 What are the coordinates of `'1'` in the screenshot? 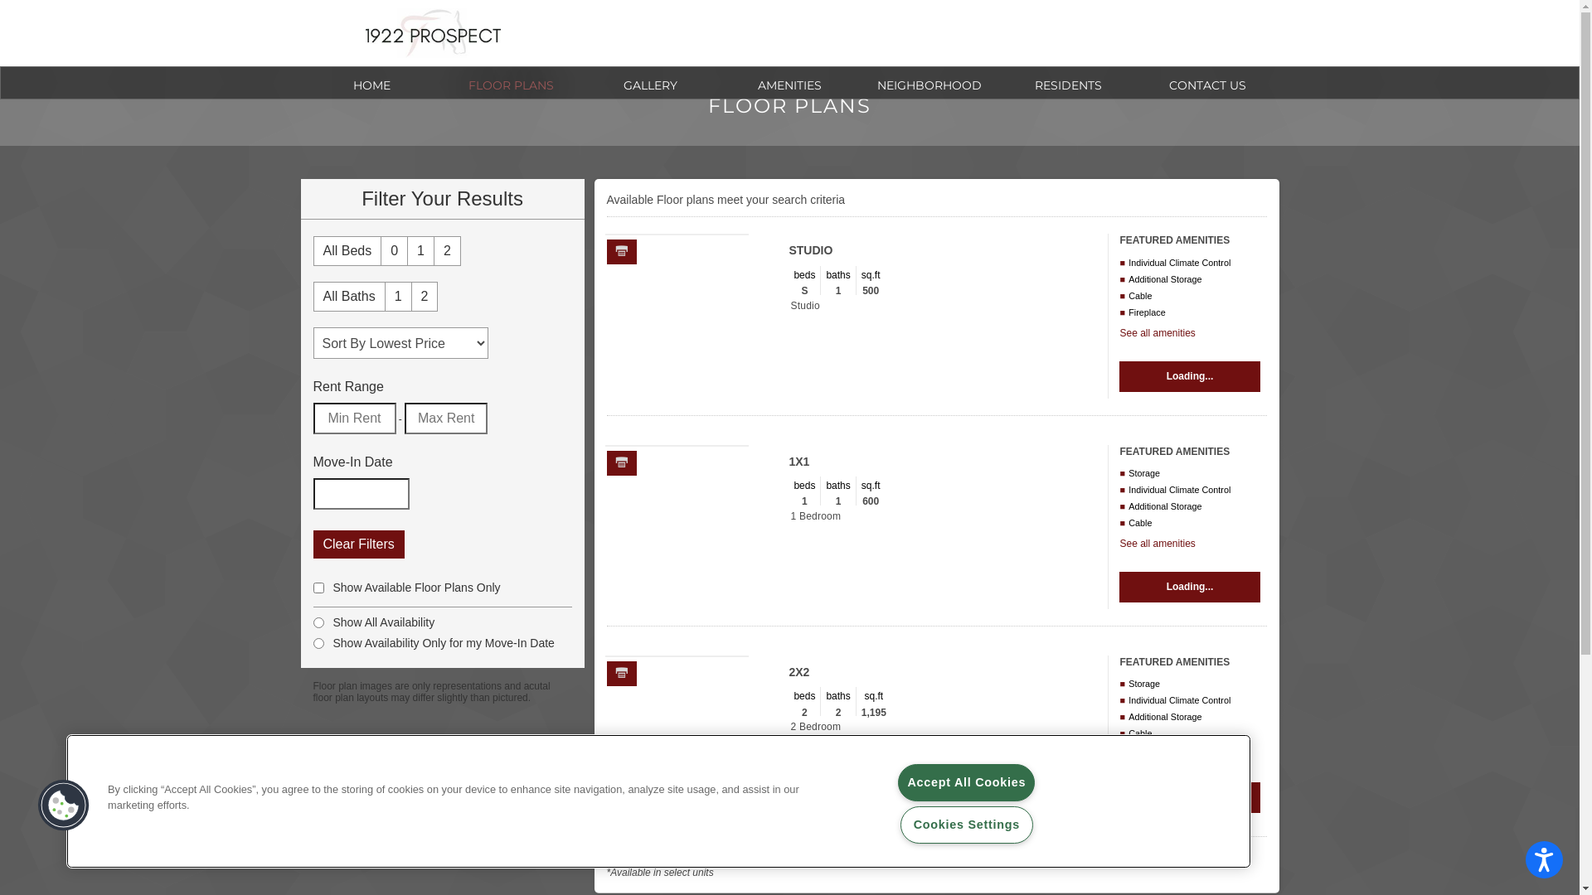 It's located at (385, 296).